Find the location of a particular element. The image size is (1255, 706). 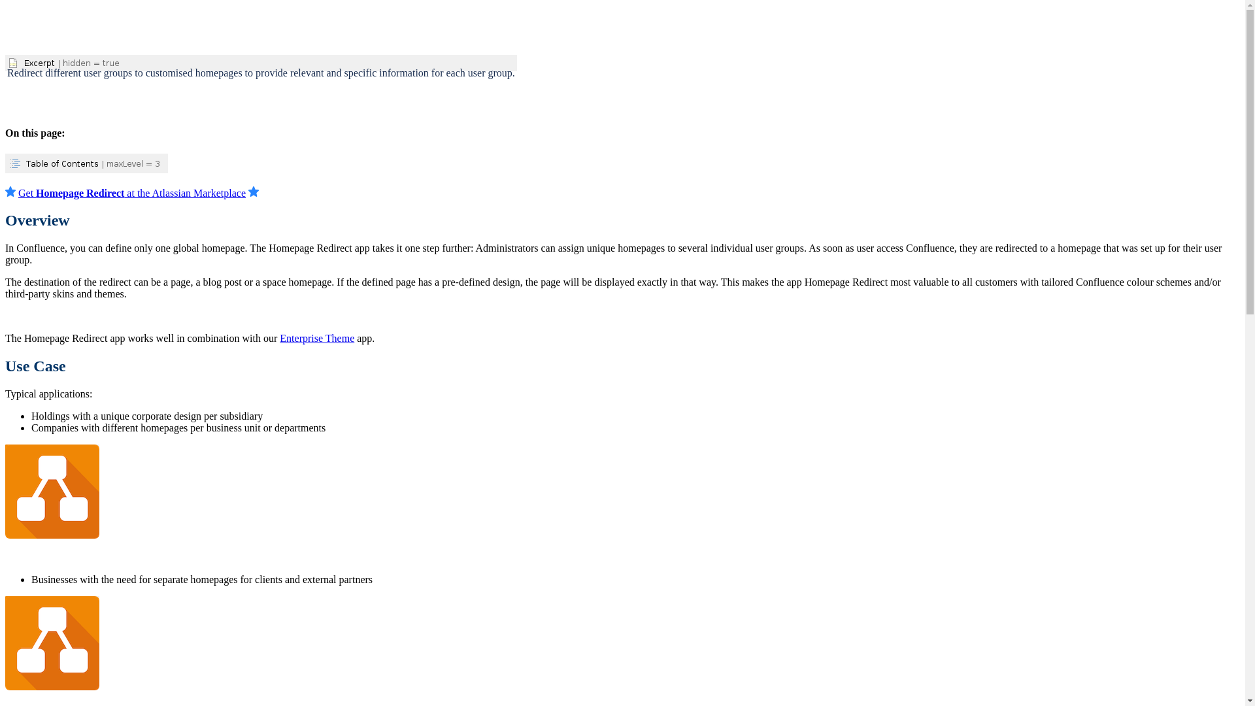

'Get Homepage Redirect at the Atlassian Marketplace' is located at coordinates (131, 193).